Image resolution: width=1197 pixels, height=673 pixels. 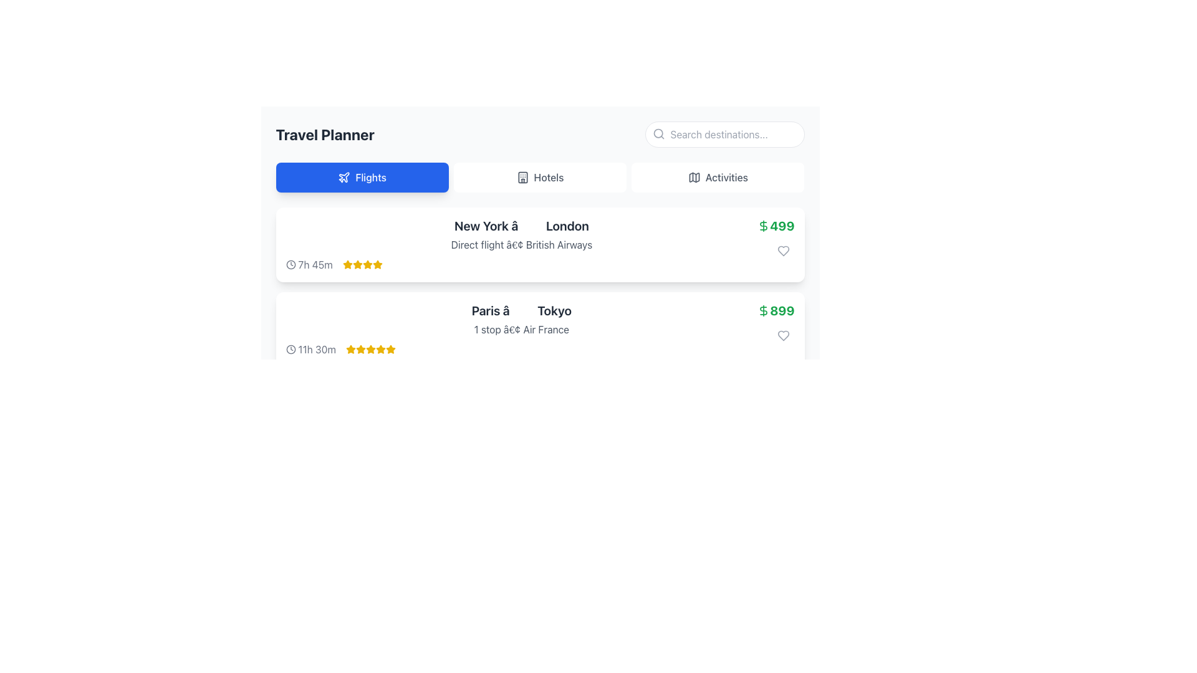 I want to click on the 'Hotels' button in the navigation bar to change its background color to light gray, so click(x=540, y=178).